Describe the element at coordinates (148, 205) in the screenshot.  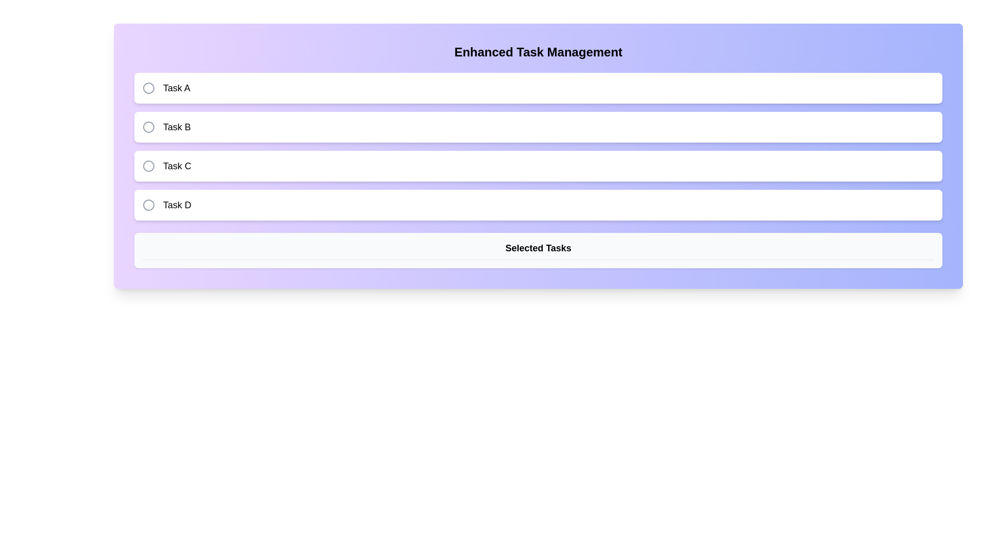
I see `the SVG circle element representing the radio button for 'Task D' in the form interface` at that location.